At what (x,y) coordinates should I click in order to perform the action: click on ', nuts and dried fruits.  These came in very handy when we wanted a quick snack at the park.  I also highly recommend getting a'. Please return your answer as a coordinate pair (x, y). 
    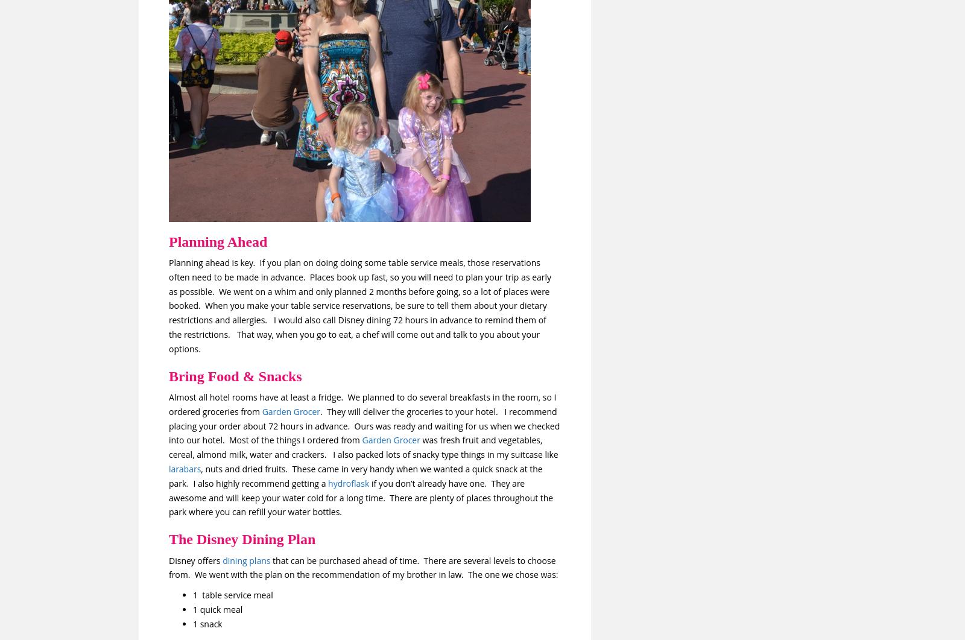
    Looking at the image, I should click on (355, 475).